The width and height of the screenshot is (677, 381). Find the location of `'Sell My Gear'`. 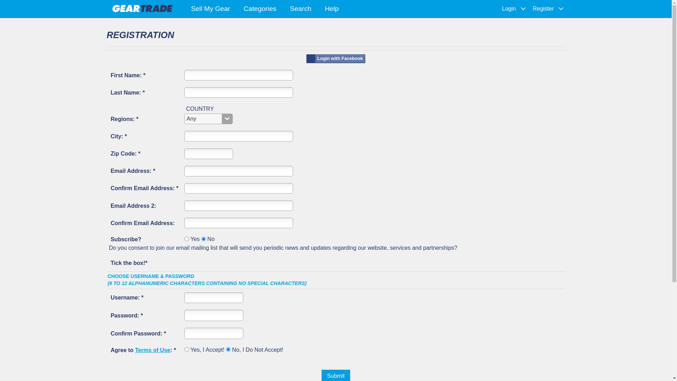

'Sell My Gear' is located at coordinates (210, 9).